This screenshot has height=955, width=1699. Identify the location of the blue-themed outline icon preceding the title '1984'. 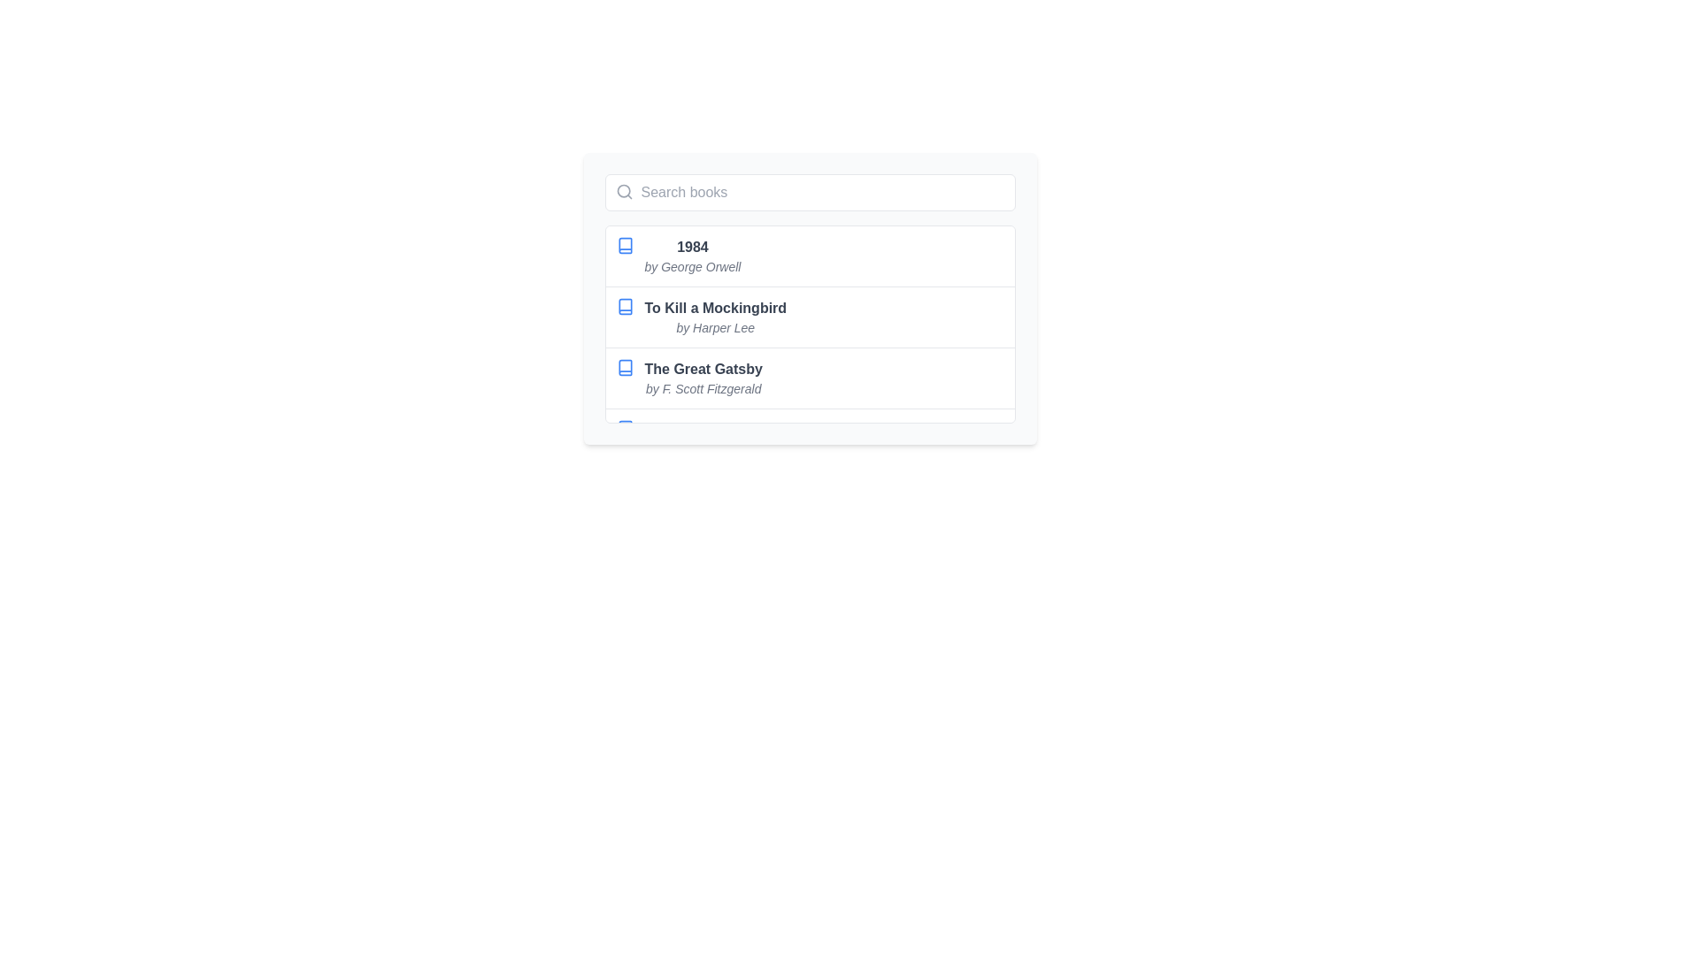
(625, 245).